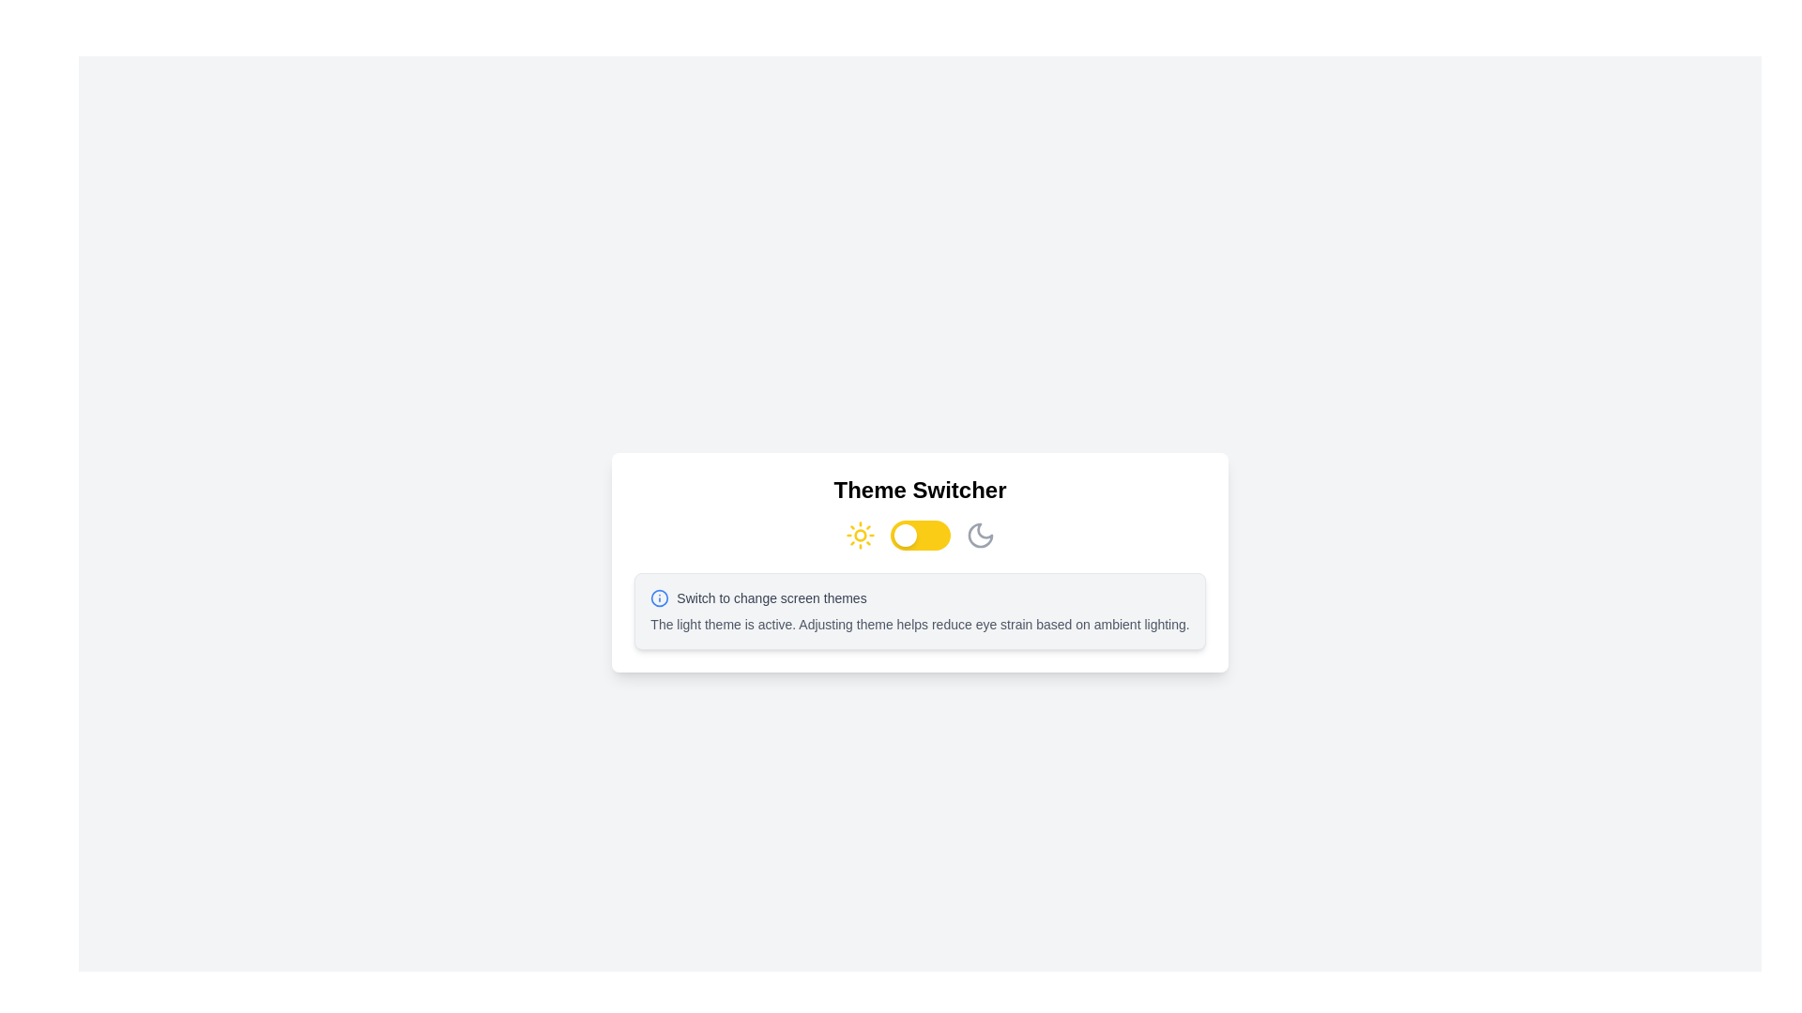  I want to click on the small SVG circle element that forms the core of the sun icon in the 'Theme Switcher' panel, so click(859, 535).